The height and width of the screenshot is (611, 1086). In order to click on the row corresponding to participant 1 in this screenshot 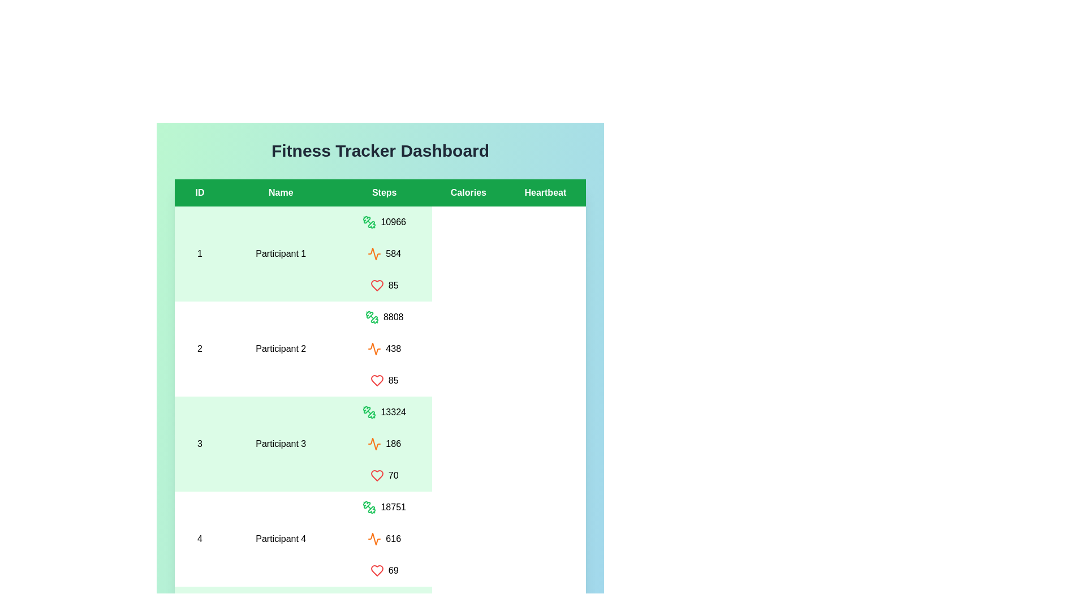, I will do `click(380, 253)`.